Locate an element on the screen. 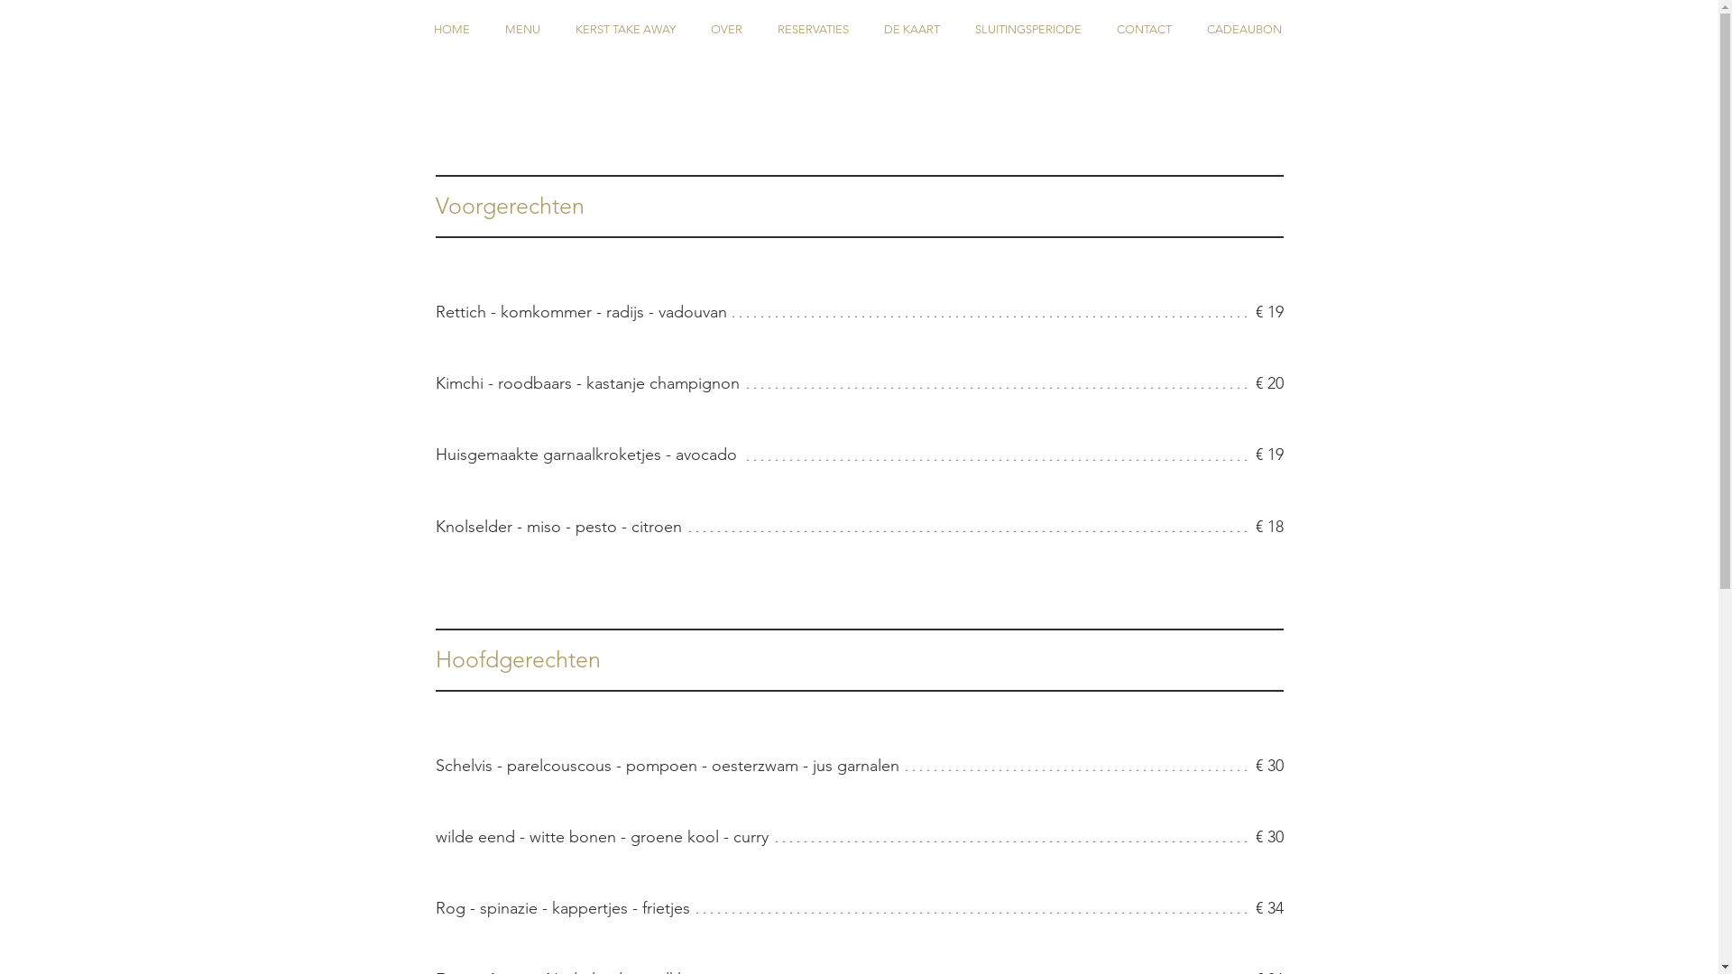 This screenshot has width=1732, height=974. 'HOME' is located at coordinates (450, 29).